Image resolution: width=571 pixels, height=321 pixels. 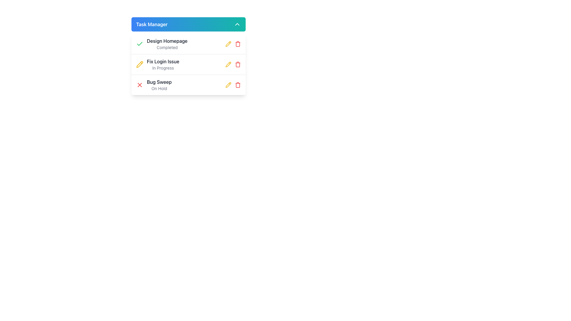 I want to click on the 'Design Homepage' text label, which is the leftmost label in the first row of the vertical task list, so click(x=167, y=41).